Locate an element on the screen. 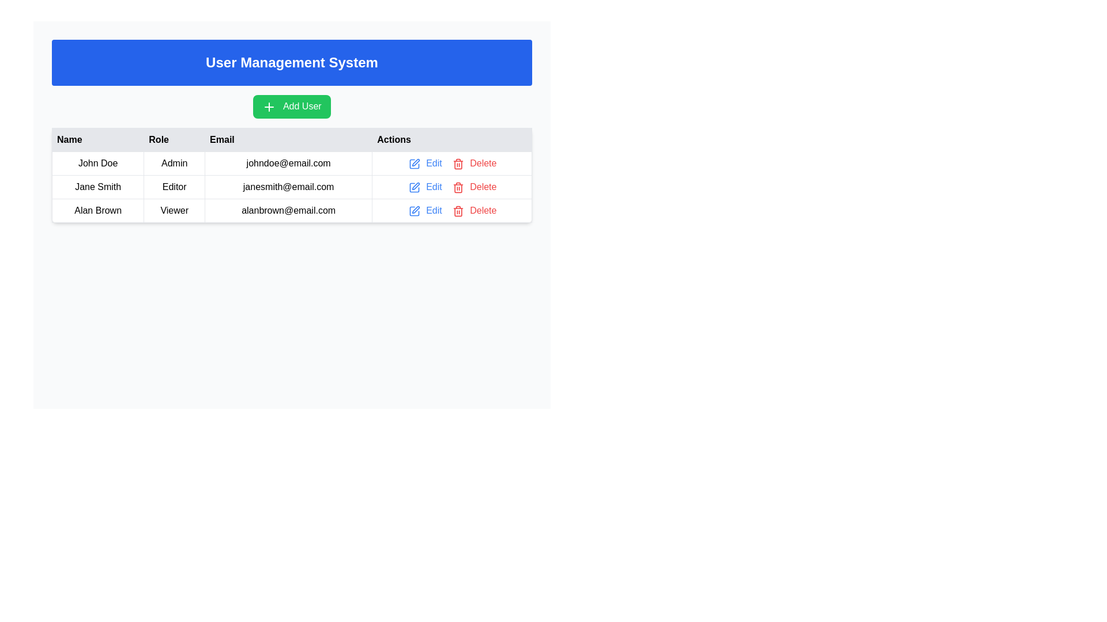  the email display of user 'Jane Smith' located in the second row of the table is located at coordinates (288, 186).